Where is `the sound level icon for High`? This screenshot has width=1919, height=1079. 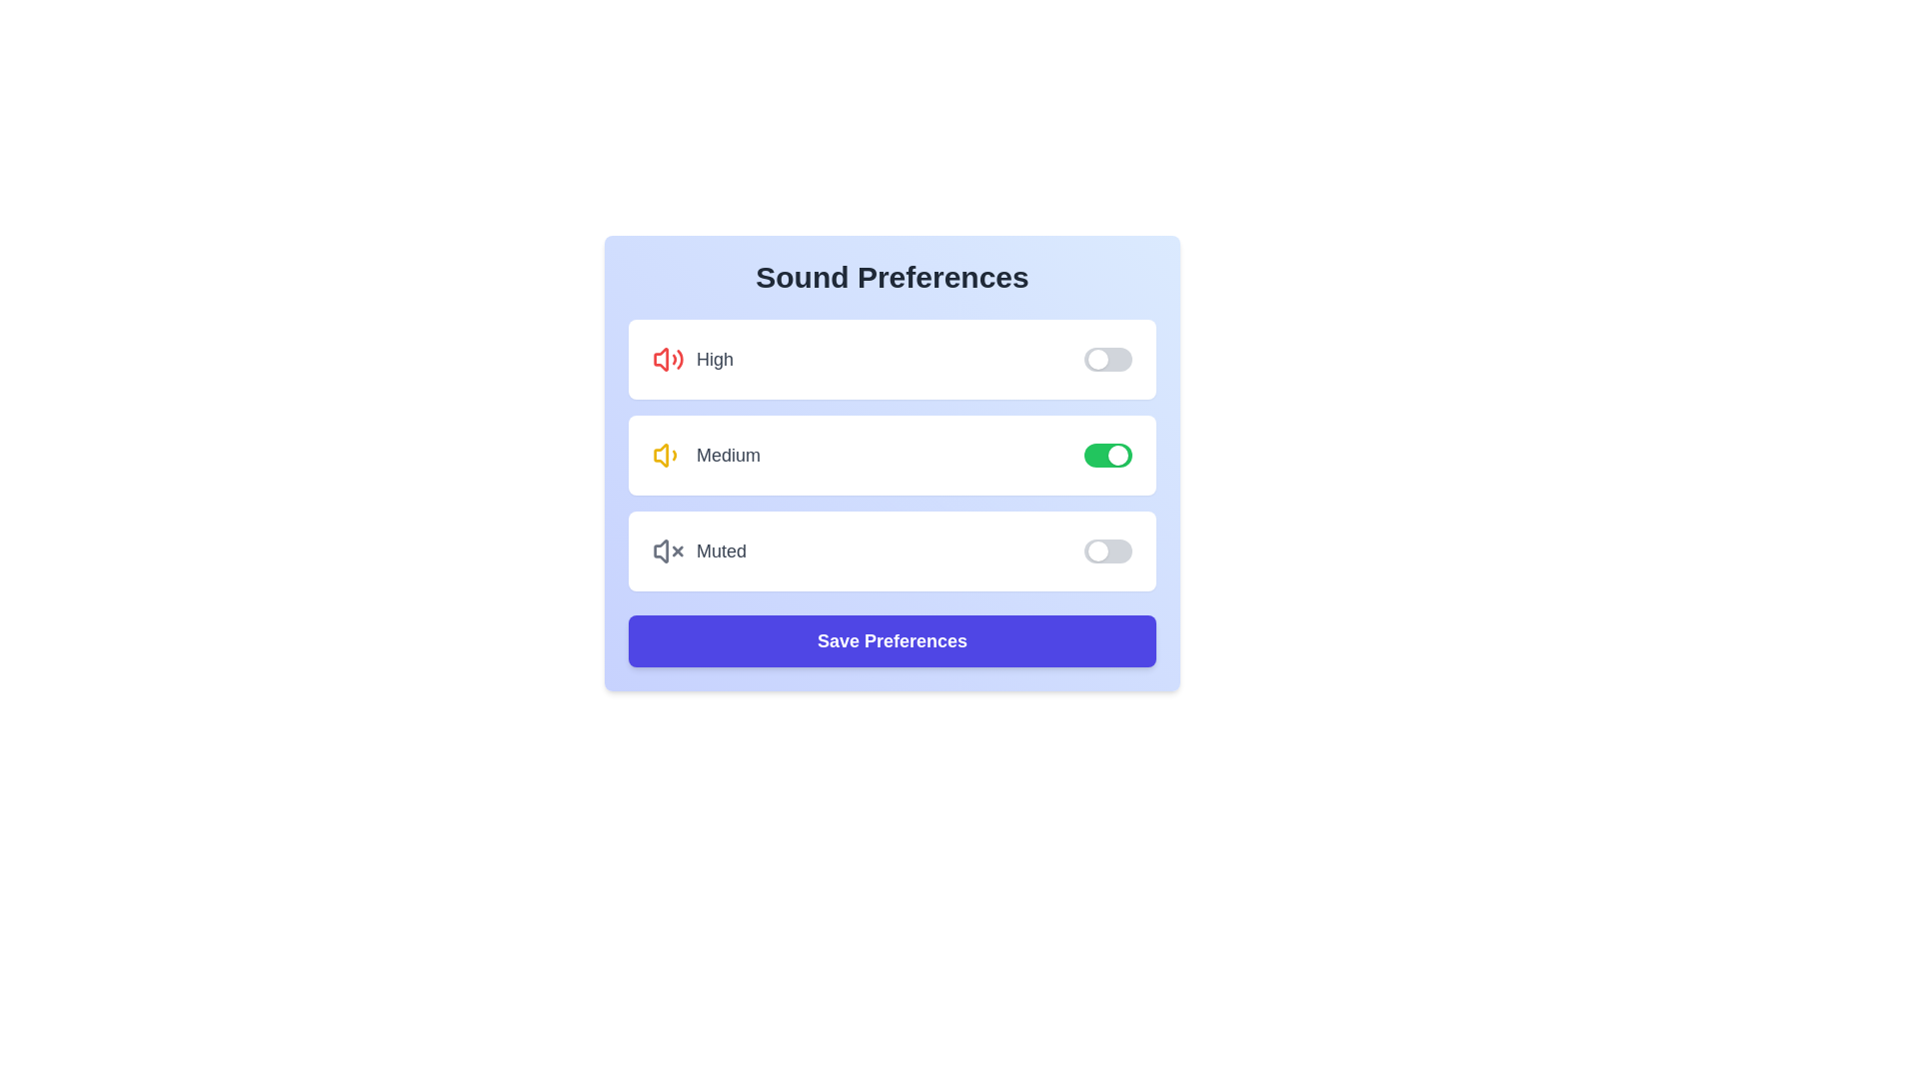 the sound level icon for High is located at coordinates (668, 358).